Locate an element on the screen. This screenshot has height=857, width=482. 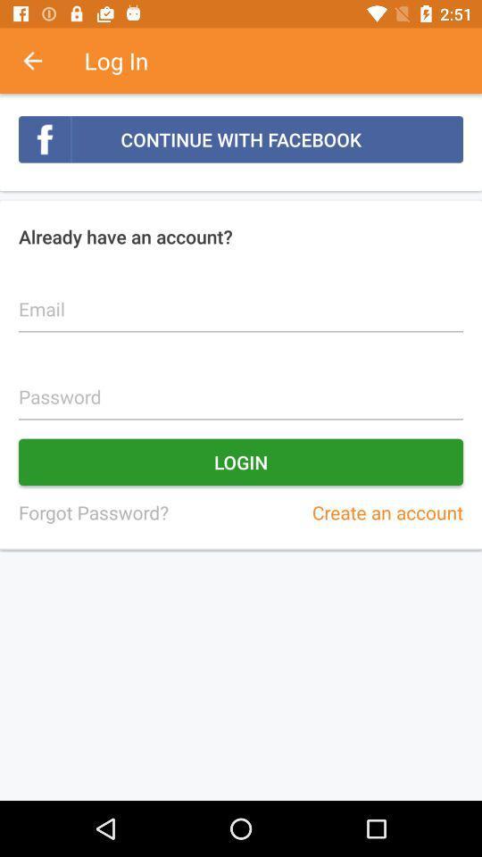
the forgot password? is located at coordinates (93, 512).